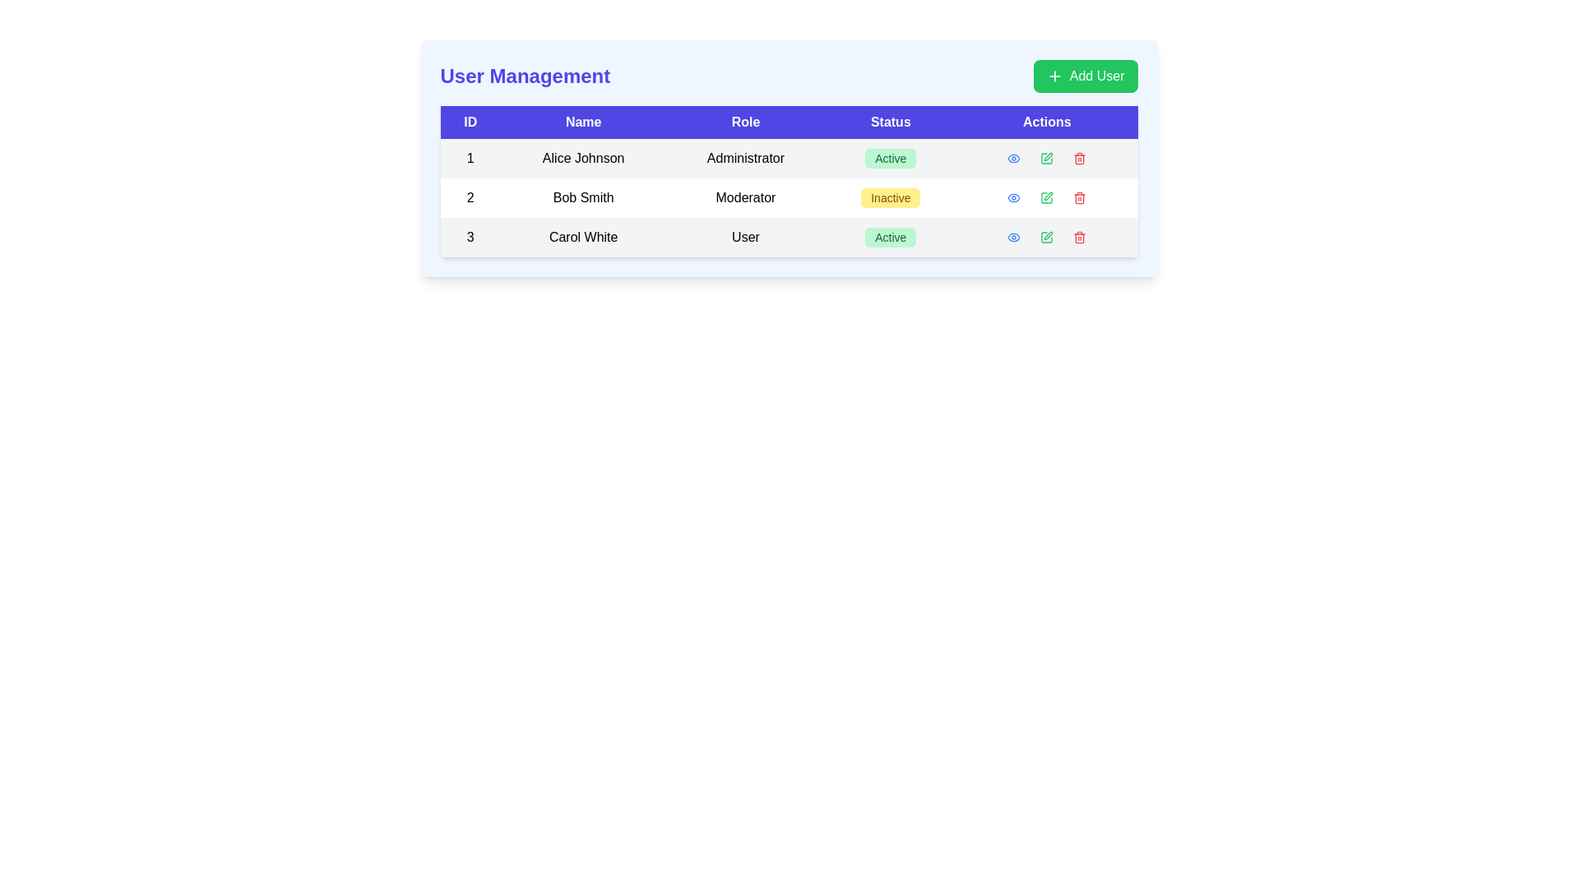  I want to click on the small green pencil icon in the 'Actions' column of the user management table to initiate edit for the user 'Bob Smith', so click(1046, 158).